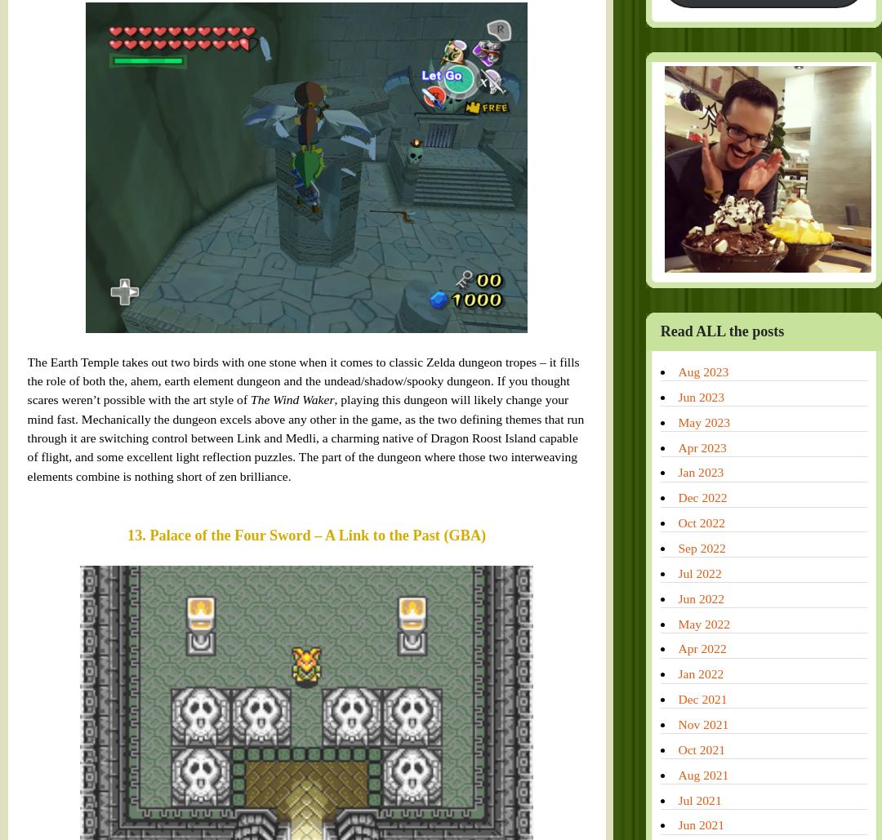 The image size is (882, 840). Describe the element at coordinates (252, 37) in the screenshot. I see `'The Earth Temple takes out two birds with one stone when it comes to classic Zelda dungeon tropes – it fills the role of both the, ahem, earth element dungeon and the undead/shadow/spooky dungeon. If you thought scares weren’t possible with the art style of'` at that location.